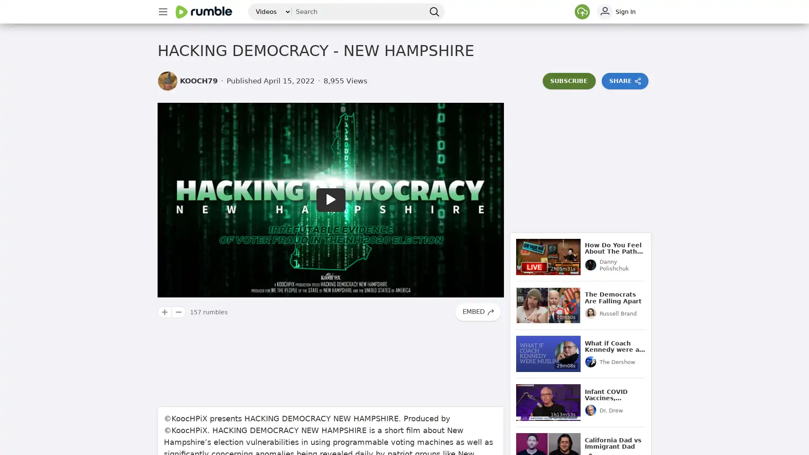 The height and width of the screenshot is (455, 809). Describe the element at coordinates (582, 11) in the screenshot. I see `Upload` at that location.